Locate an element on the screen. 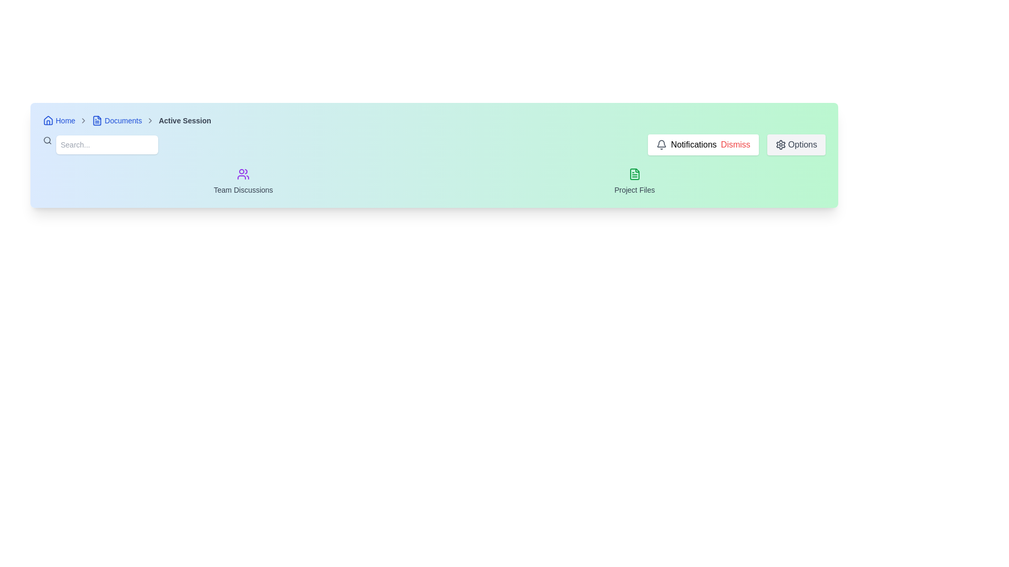 This screenshot has width=1009, height=567. the 'Documents' hyperlink within the breadcrumb navigation is located at coordinates (117, 120).